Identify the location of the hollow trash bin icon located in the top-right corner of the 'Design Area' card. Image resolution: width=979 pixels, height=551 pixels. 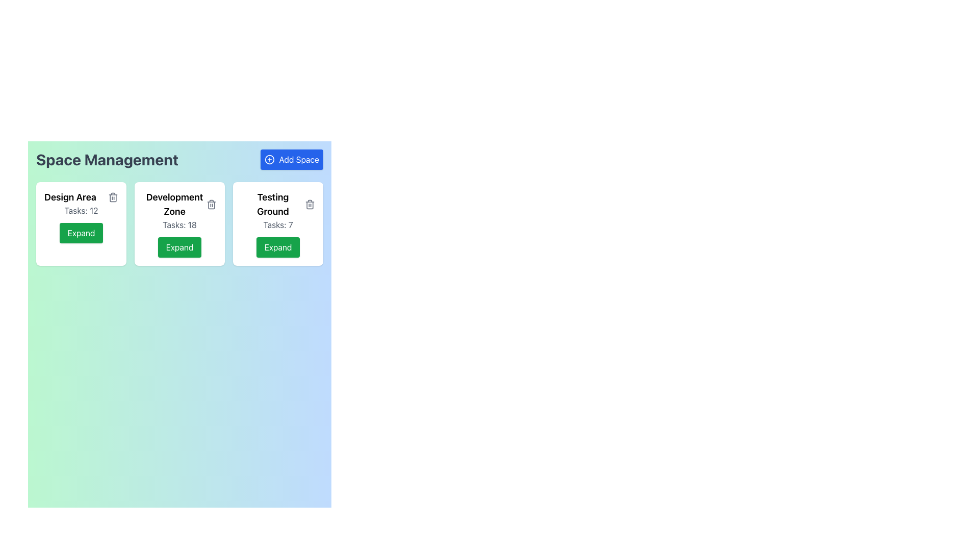
(113, 198).